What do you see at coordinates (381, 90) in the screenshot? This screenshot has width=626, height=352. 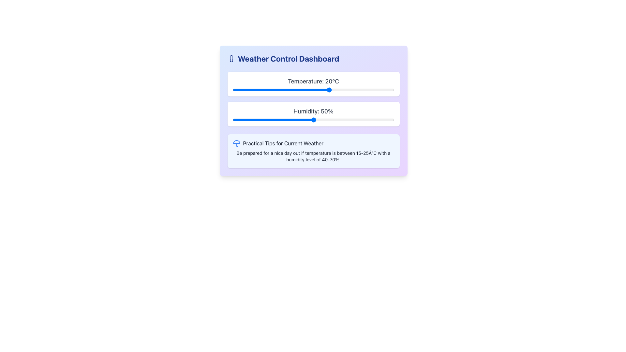 I see `temperature` at bounding box center [381, 90].